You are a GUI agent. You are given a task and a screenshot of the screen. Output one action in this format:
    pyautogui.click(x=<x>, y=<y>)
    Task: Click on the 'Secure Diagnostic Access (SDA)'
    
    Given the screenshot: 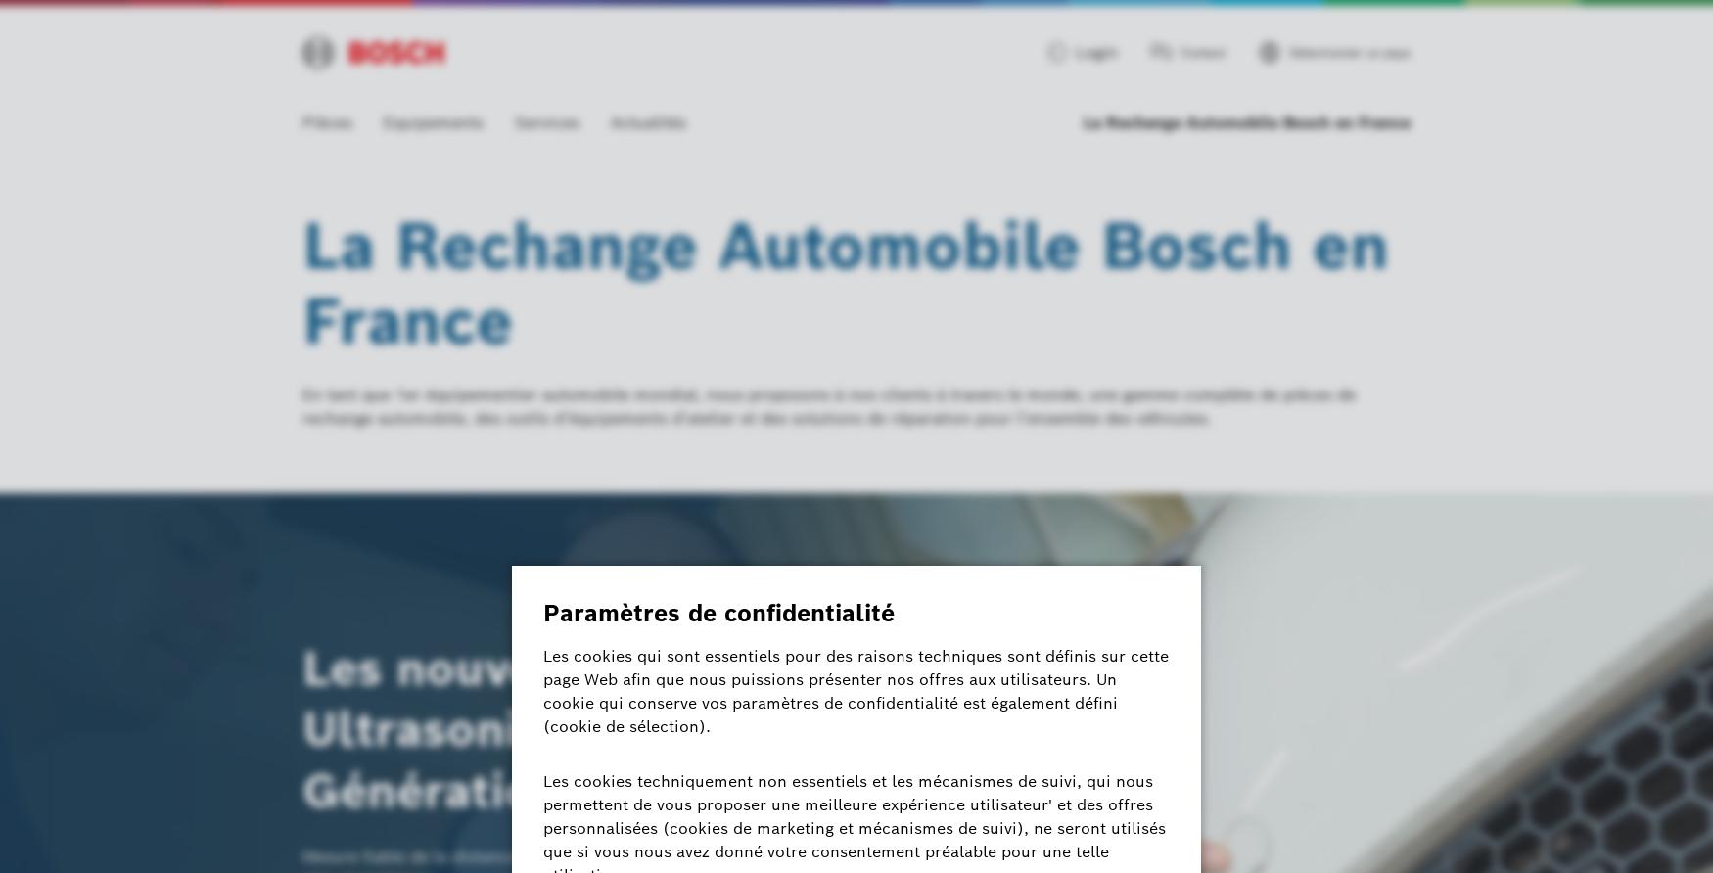 What is the action you would take?
    pyautogui.click(x=415, y=646)
    